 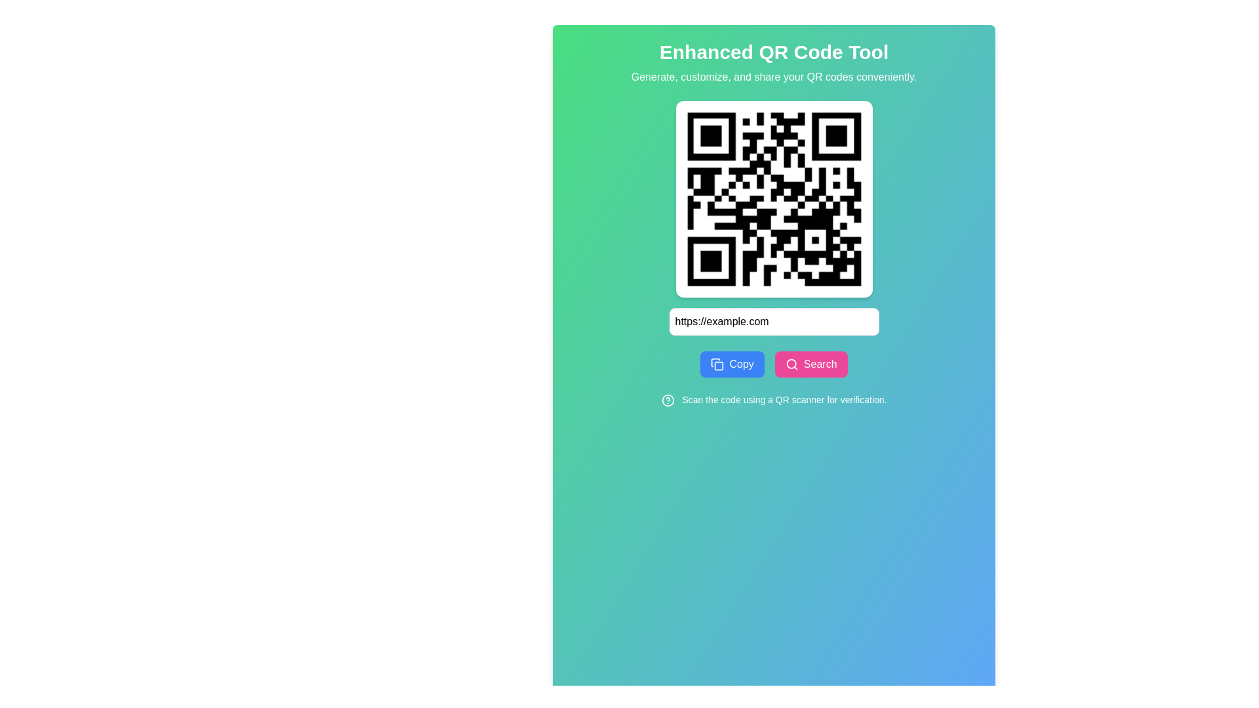 I want to click on the 'Copy' graphical icon, which is the first icon in the set below the input field, located to the left of the magnifying glass icon, so click(x=715, y=363).